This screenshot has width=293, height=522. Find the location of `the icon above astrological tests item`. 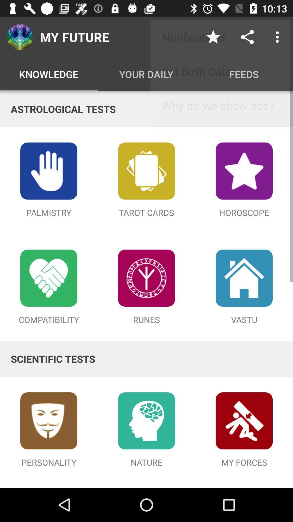

the icon above astrological tests item is located at coordinates (279, 37).